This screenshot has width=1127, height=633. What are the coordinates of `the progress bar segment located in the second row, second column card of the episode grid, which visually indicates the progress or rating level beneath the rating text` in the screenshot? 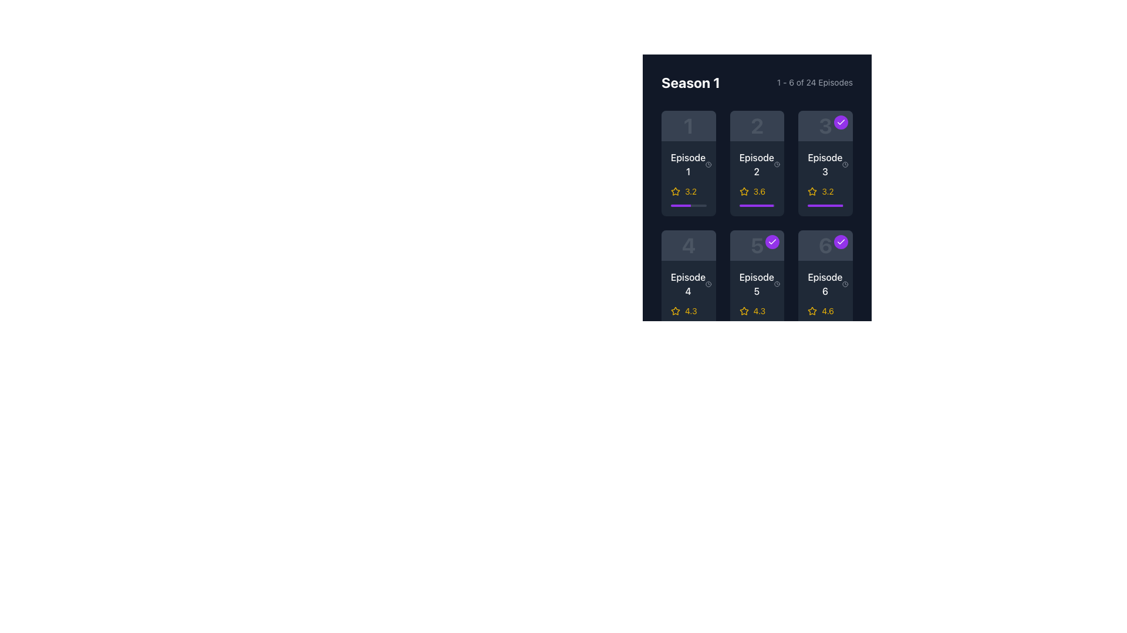 It's located at (756, 205).